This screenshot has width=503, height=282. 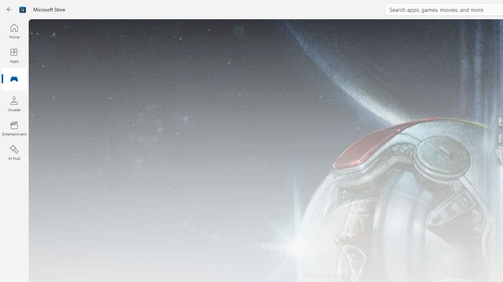 I want to click on 'AI Hub', so click(x=14, y=153).